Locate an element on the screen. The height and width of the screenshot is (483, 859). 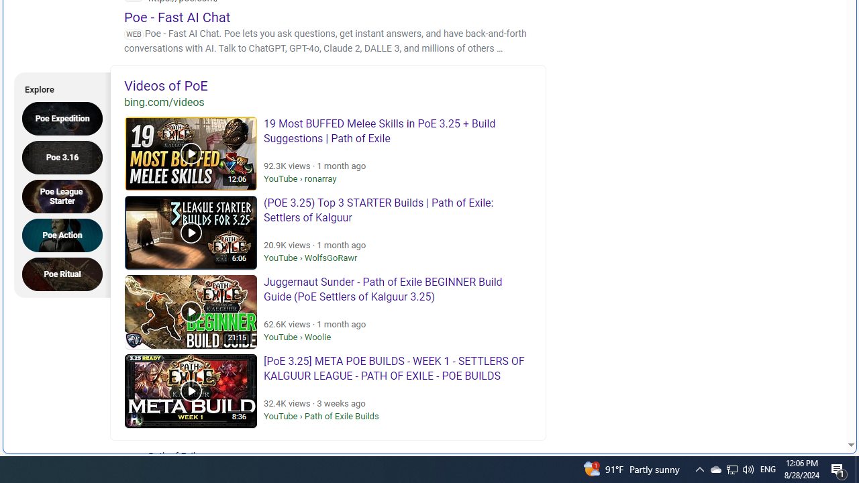
'Explore' is located at coordinates (58, 87).